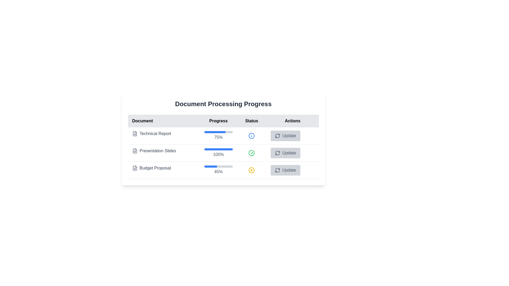 The image size is (509, 286). Describe the element at coordinates (251, 136) in the screenshot. I see `the Informative Icon located in the first row of the 'Status' column, corresponding to the 'Technical Report'` at that location.